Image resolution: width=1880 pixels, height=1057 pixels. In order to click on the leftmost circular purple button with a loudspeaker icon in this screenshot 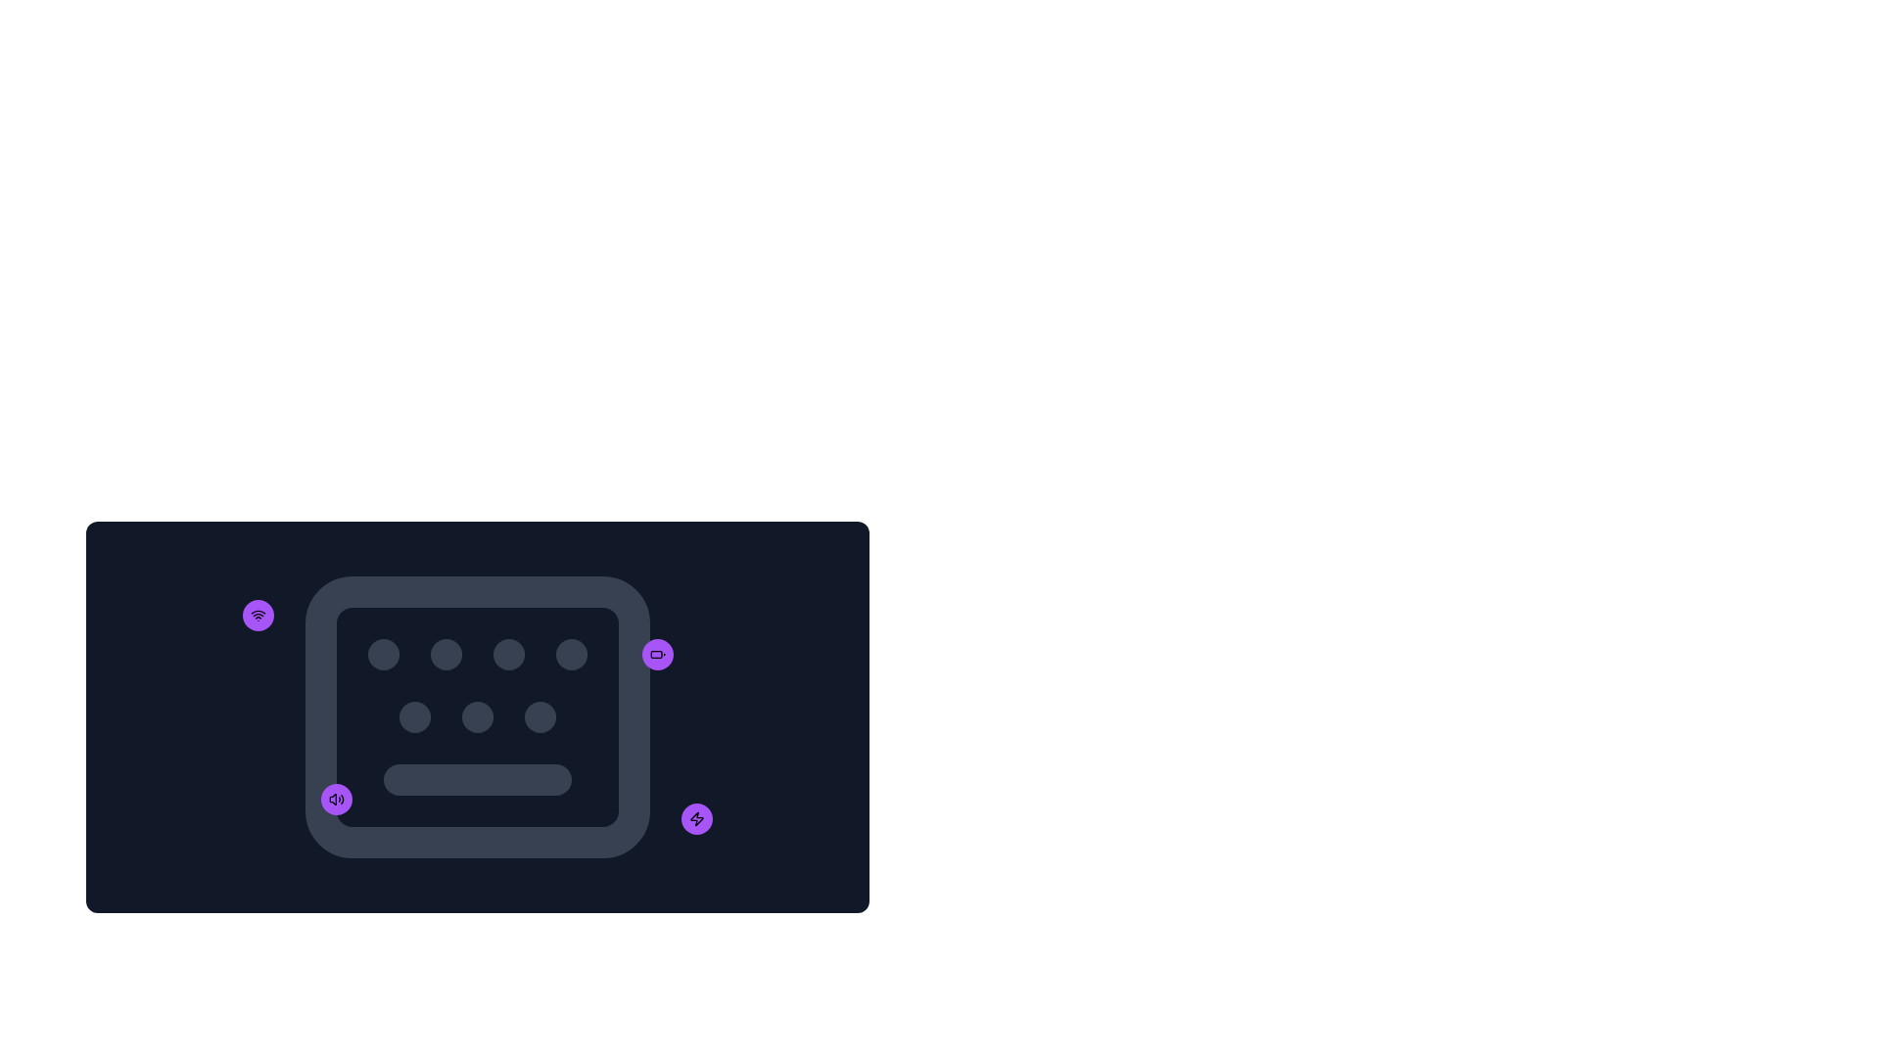, I will do `click(337, 800)`.